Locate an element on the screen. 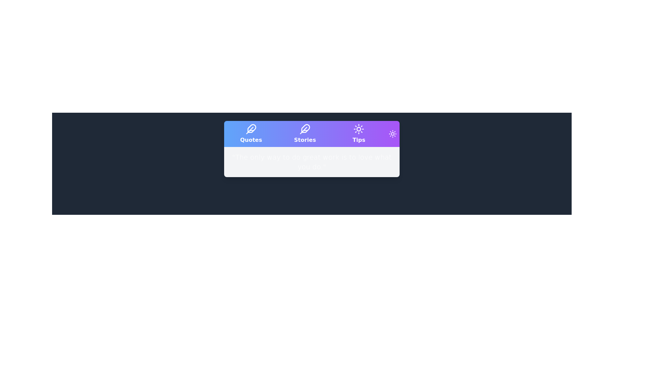 This screenshot has width=658, height=370. the Tips tab to view its content is located at coordinates (358, 134).